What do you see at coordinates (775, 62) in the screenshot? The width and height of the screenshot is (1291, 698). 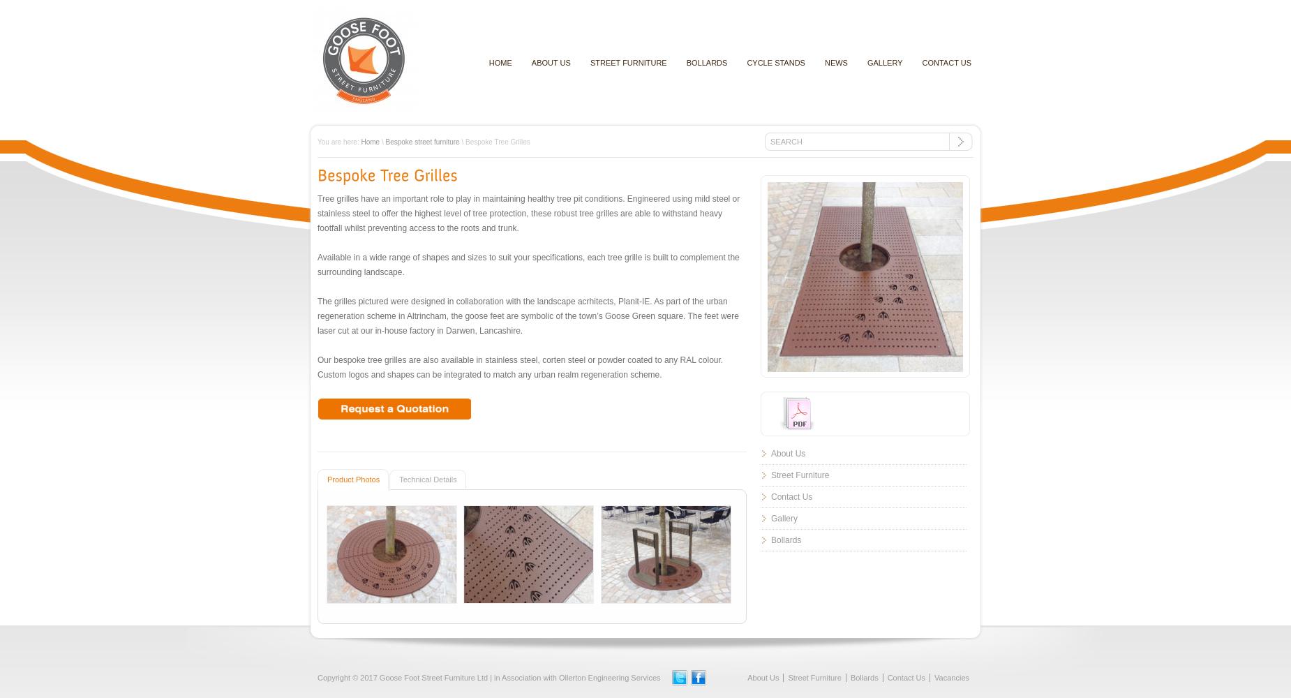 I see `'Cycle Stands'` at bounding box center [775, 62].